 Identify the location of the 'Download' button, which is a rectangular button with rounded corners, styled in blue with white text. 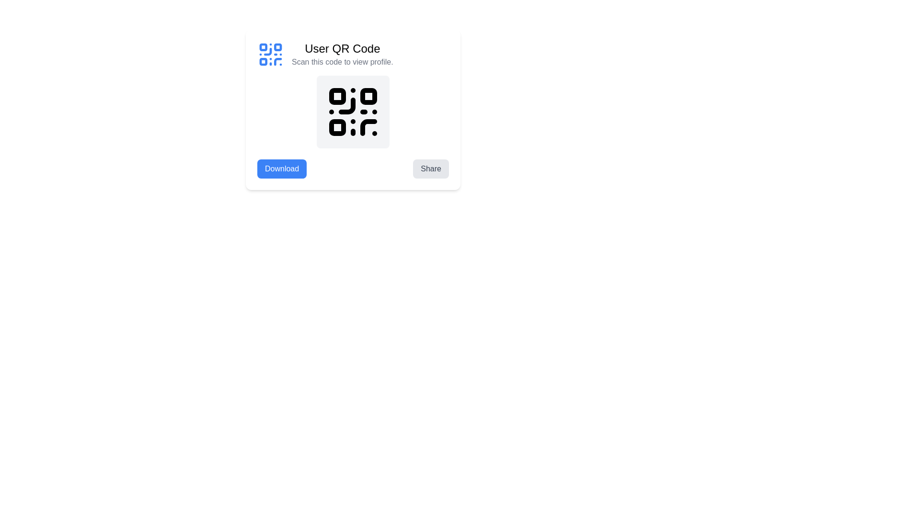
(281, 169).